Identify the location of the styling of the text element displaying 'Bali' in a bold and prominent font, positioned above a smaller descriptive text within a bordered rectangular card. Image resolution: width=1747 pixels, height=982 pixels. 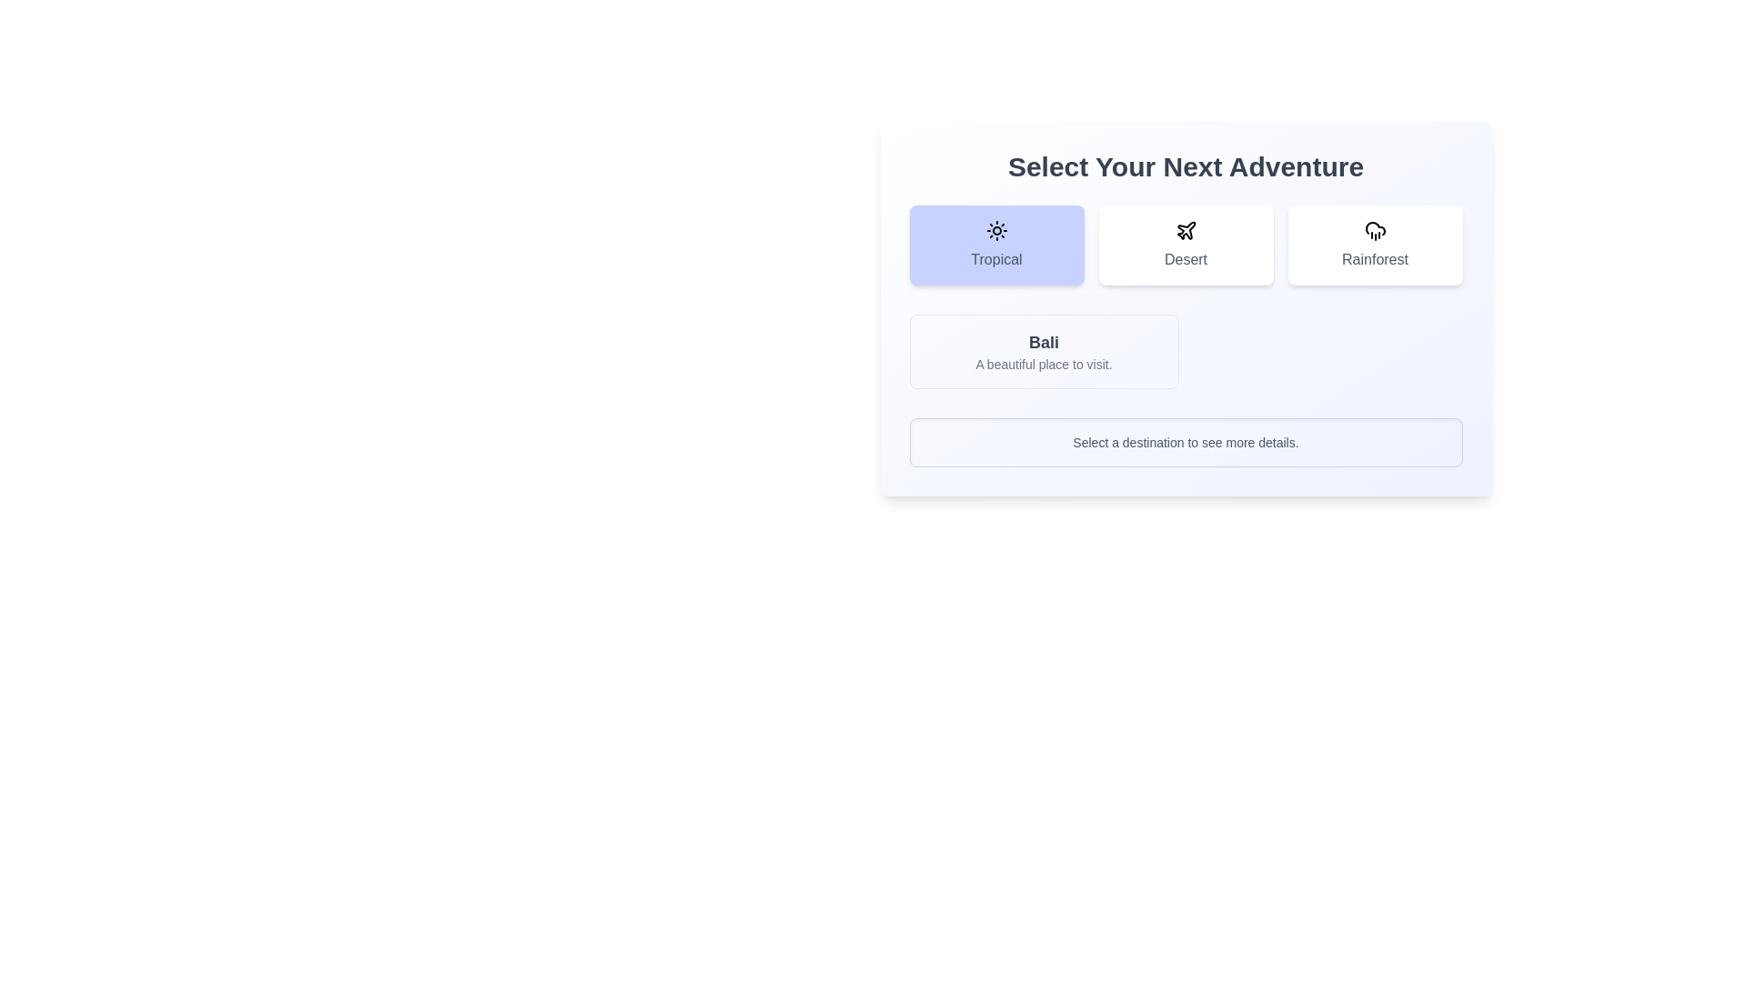
(1044, 343).